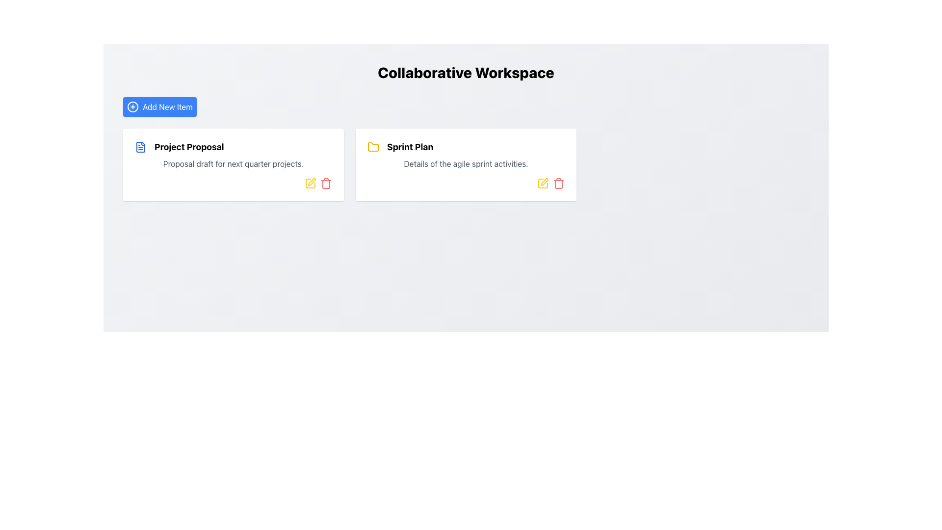 Image resolution: width=942 pixels, height=530 pixels. What do you see at coordinates (543, 184) in the screenshot?
I see `the edit icon located in the top-right corner of the 'Sprint Plan' card` at bounding box center [543, 184].